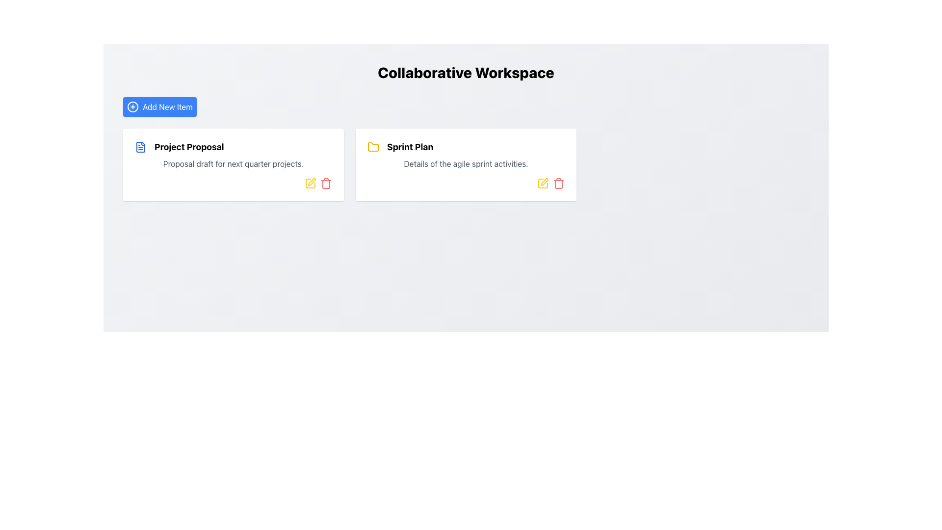 Image resolution: width=942 pixels, height=530 pixels. What do you see at coordinates (543, 184) in the screenshot?
I see `the edit icon located in the top-right corner of the 'Sprint Plan' card` at bounding box center [543, 184].